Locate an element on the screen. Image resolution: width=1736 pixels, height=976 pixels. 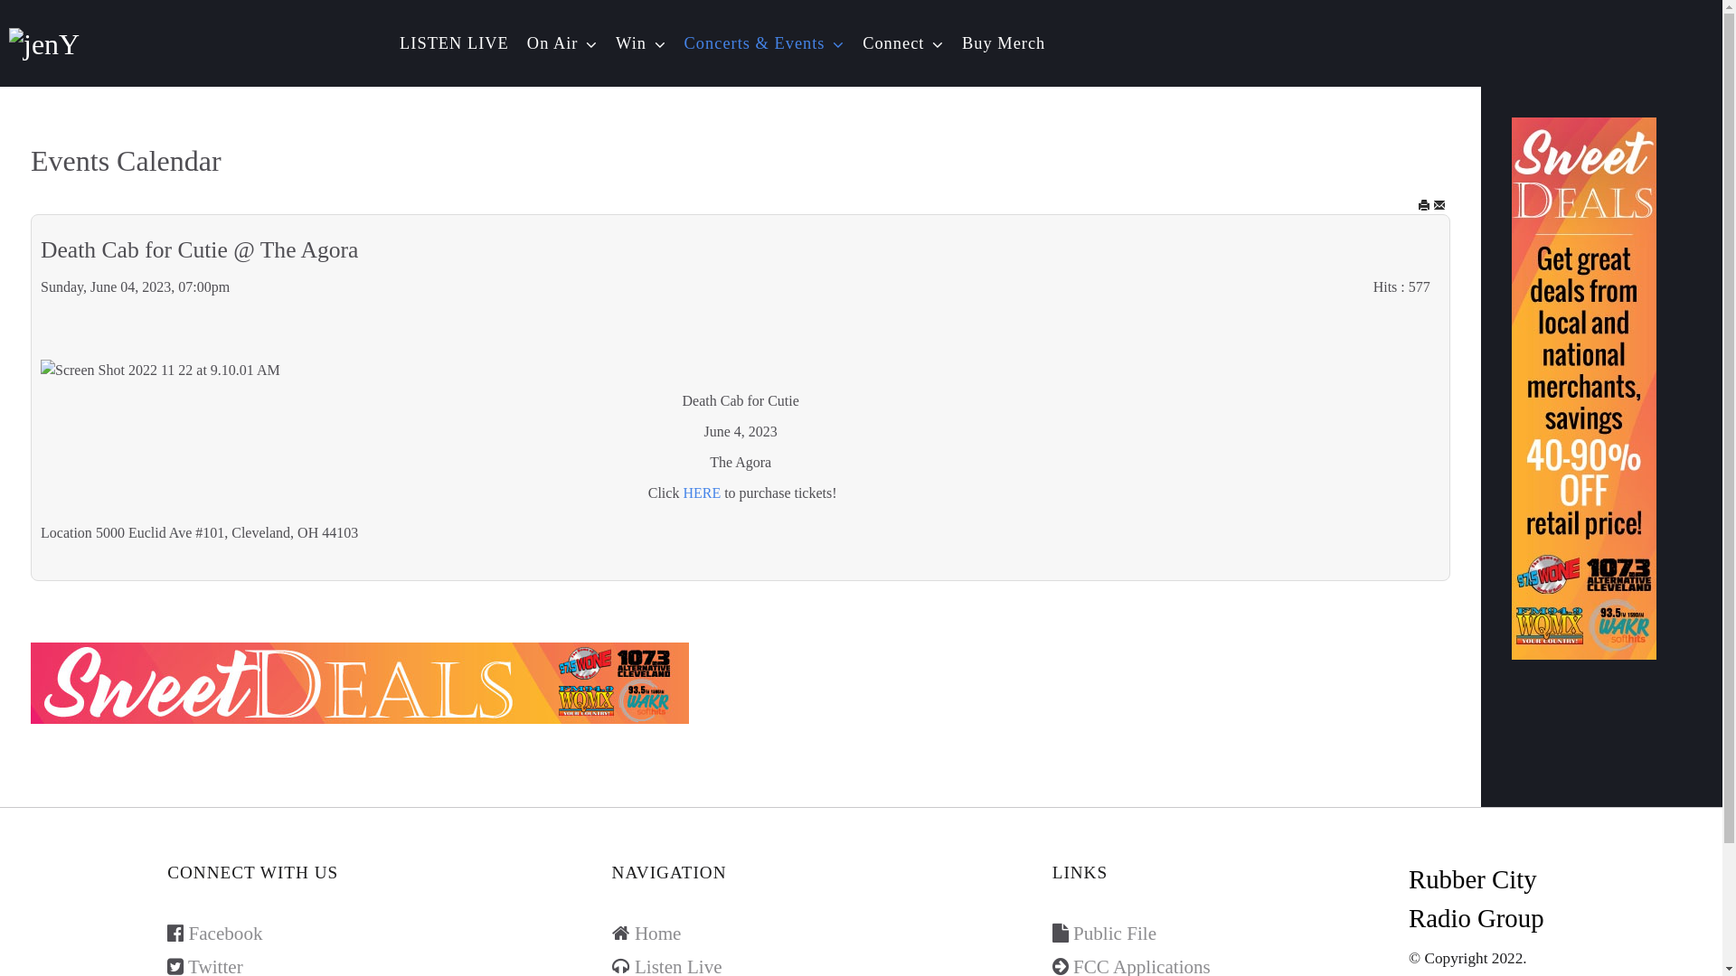
'EMAIL' is located at coordinates (1439, 204).